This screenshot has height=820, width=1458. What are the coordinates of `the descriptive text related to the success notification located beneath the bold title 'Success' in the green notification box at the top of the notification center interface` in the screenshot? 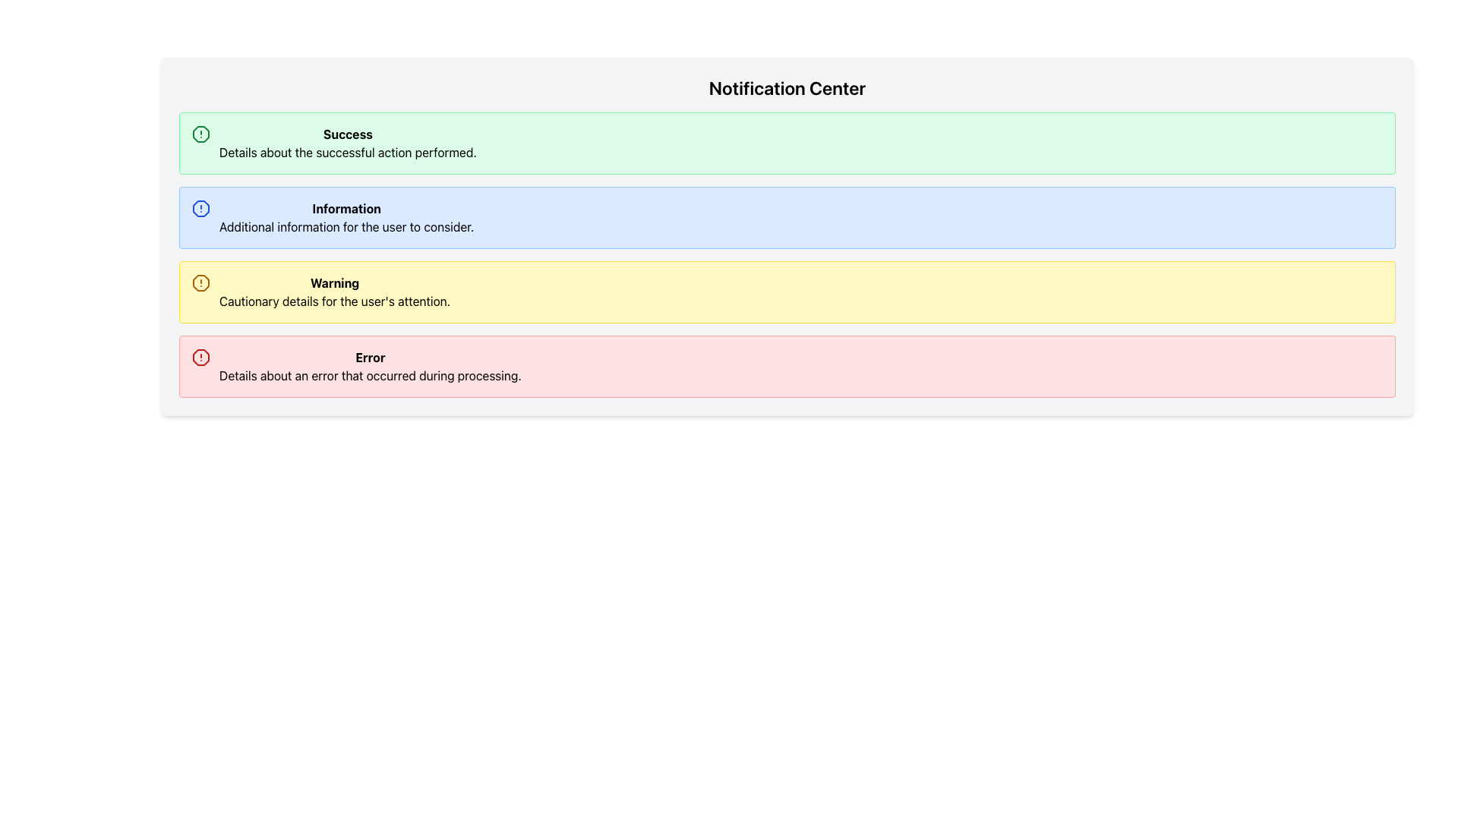 It's located at (347, 152).